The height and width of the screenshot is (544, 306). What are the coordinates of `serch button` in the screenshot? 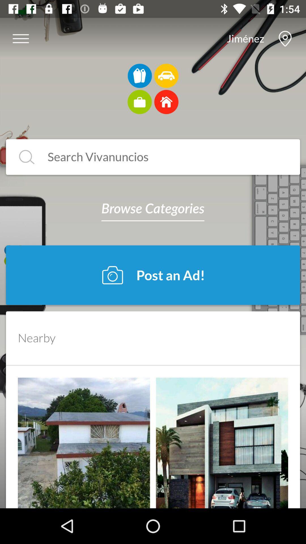 It's located at (27, 157).